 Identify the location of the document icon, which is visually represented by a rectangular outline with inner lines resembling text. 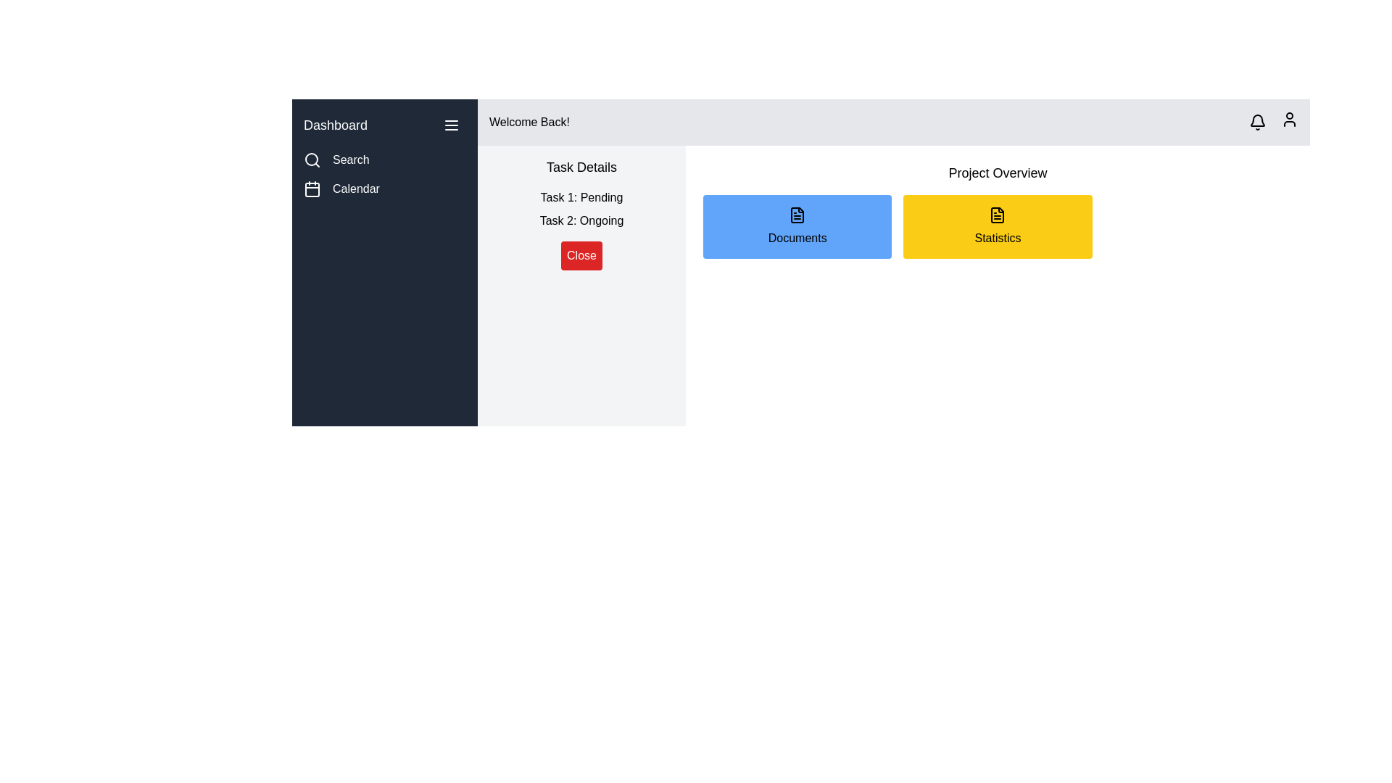
(796, 215).